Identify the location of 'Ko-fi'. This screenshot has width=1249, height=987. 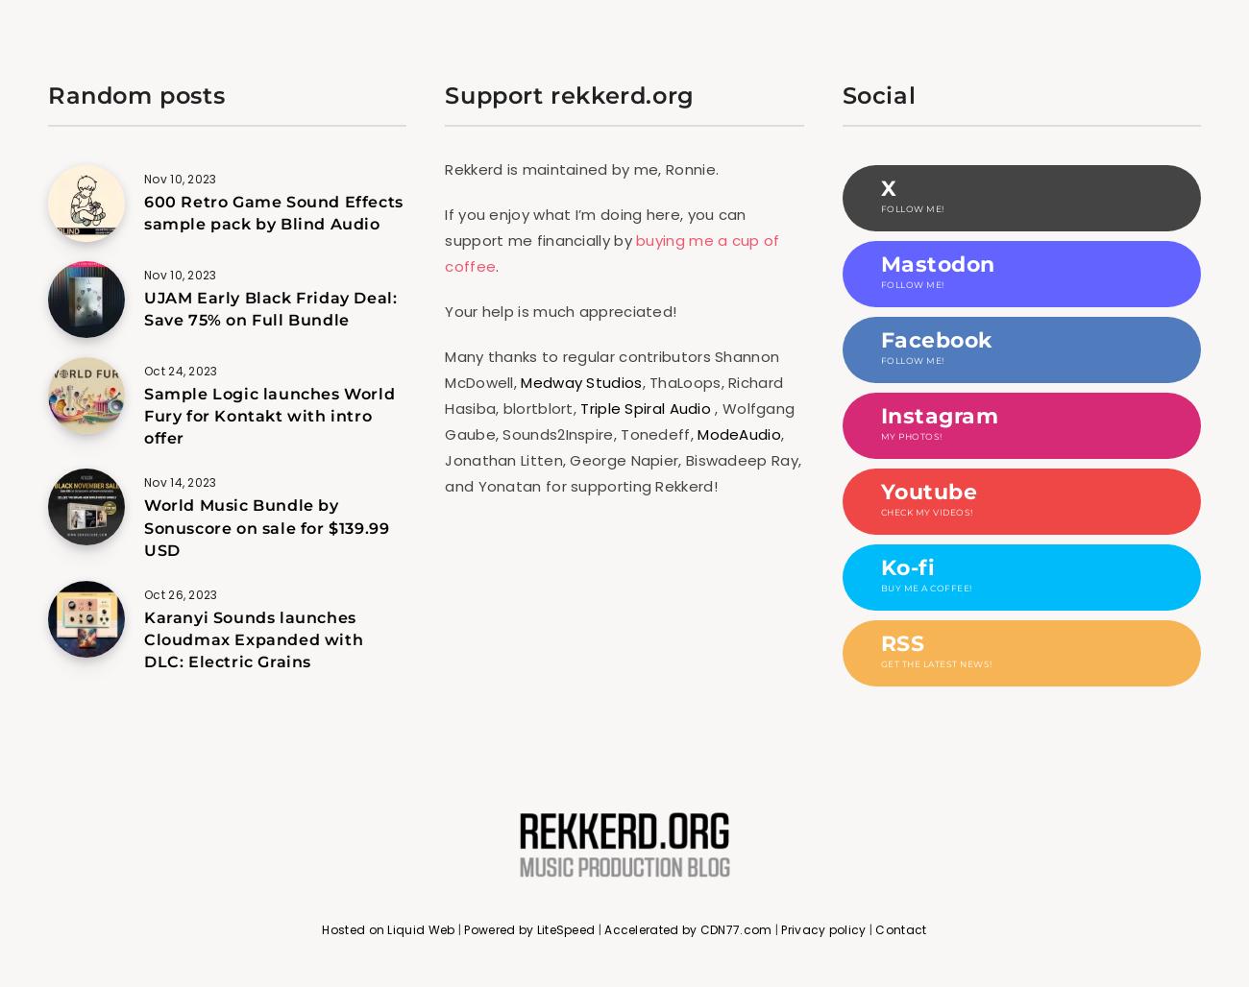
(907, 566).